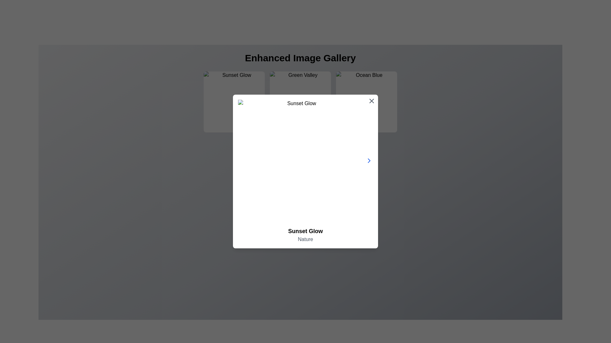  Describe the element at coordinates (371, 100) in the screenshot. I see `the close button in the top-right corner of the white modal window` at that location.